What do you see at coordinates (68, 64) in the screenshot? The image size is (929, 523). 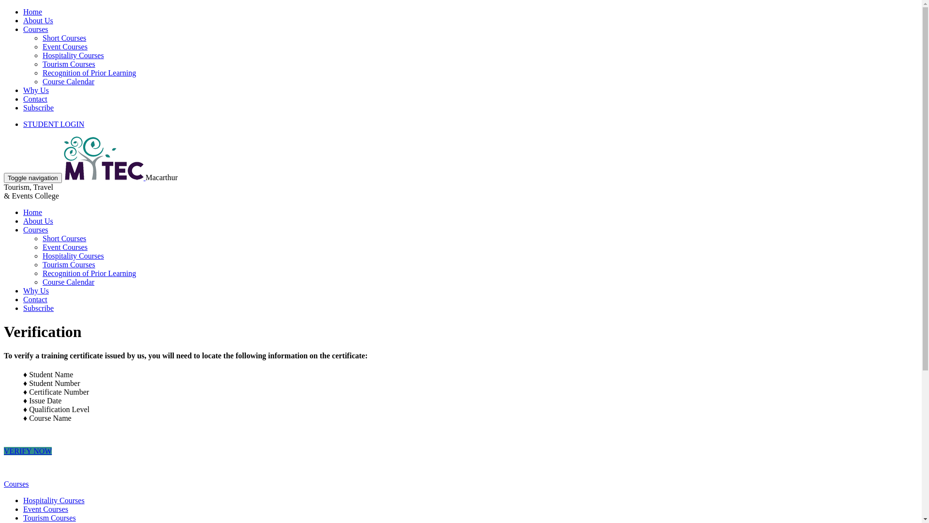 I see `'Tourism Courses'` at bounding box center [68, 64].